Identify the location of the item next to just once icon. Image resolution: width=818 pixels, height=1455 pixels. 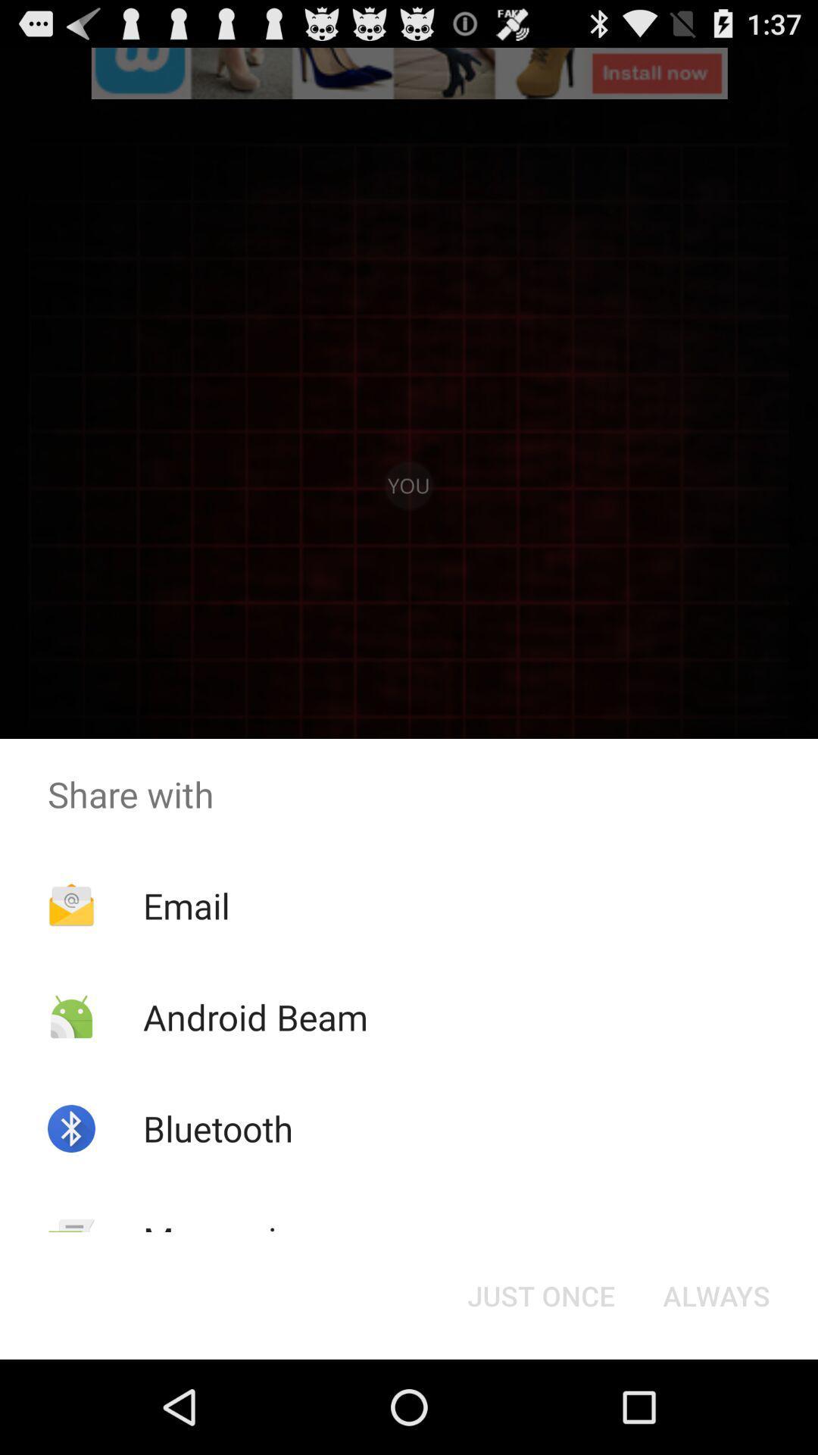
(229, 1240).